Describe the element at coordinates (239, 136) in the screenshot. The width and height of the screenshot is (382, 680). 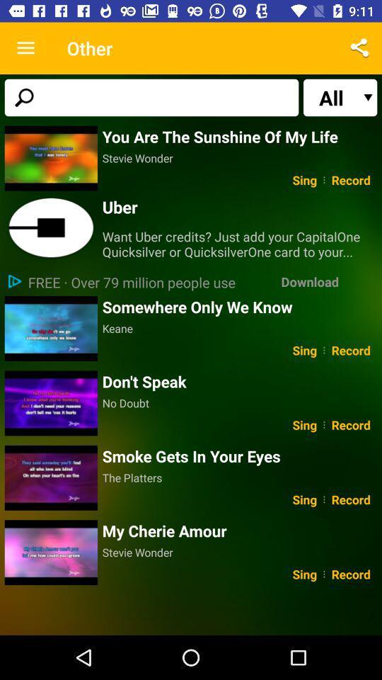
I see `you are the item` at that location.